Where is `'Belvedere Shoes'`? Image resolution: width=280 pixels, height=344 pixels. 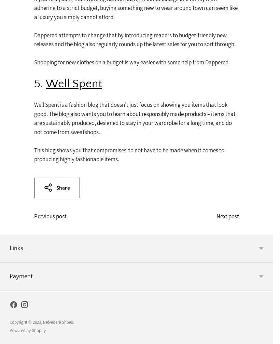 'Belvedere Shoes' is located at coordinates (58, 321).